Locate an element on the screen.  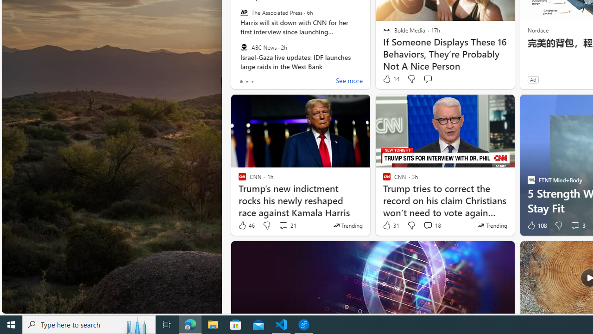
'tab-2' is located at coordinates (252, 81).